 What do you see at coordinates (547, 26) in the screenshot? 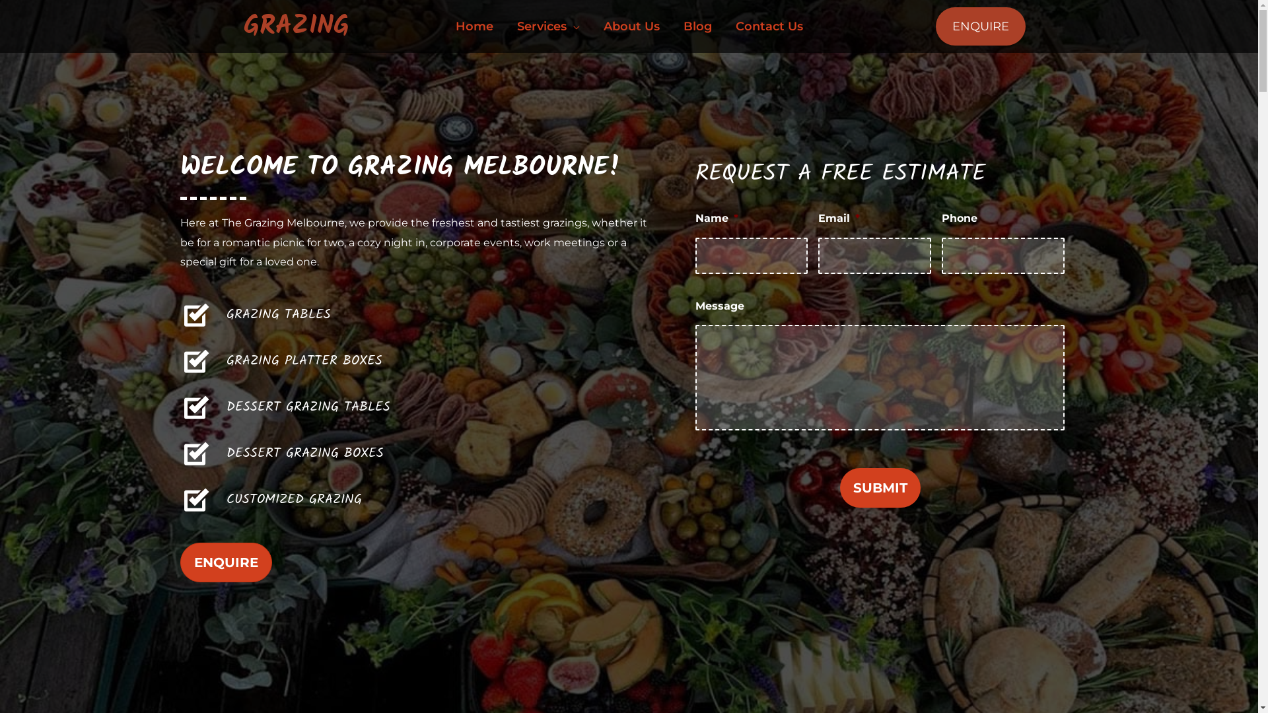
I see `'Services'` at bounding box center [547, 26].